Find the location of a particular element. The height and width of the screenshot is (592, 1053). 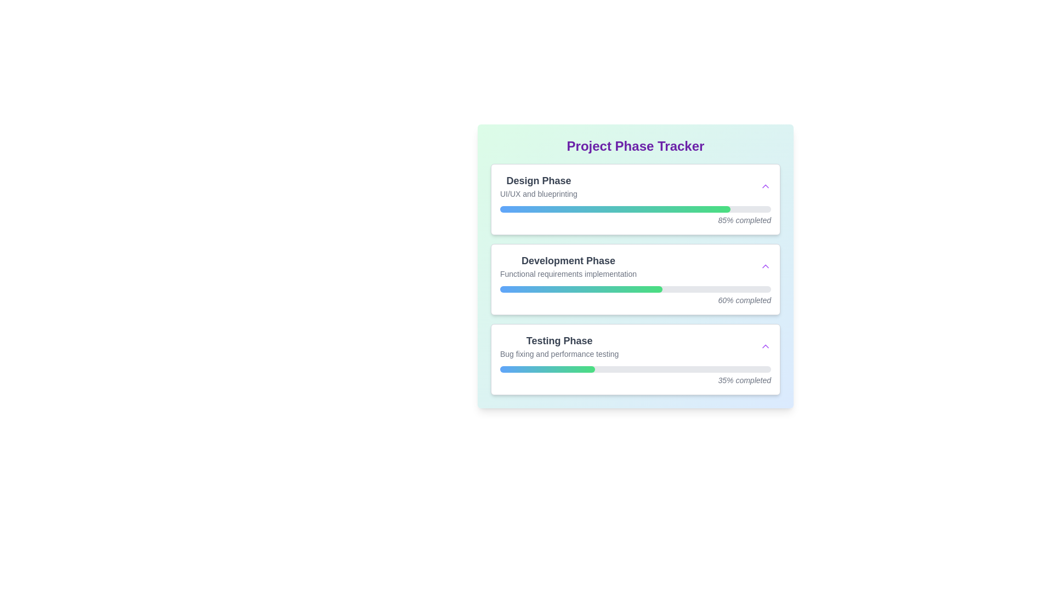

the Progress Bar with Label indicating 85% completion in the 'Design Phase' section of the 'Project Phase Tracker' is located at coordinates (635, 215).